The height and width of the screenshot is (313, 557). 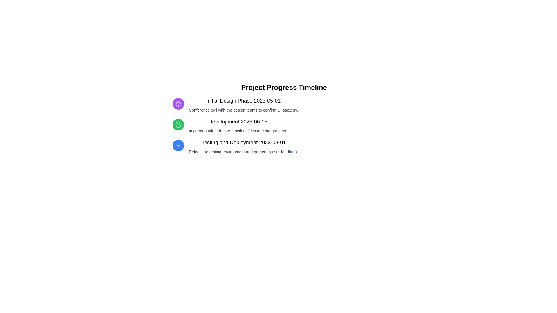 I want to click on the Decorative Icon representing the 'Initial Design Phase' in the timeline, positioned to the left of the 'Initial Design Phase 2023-05-01' text, so click(x=178, y=103).